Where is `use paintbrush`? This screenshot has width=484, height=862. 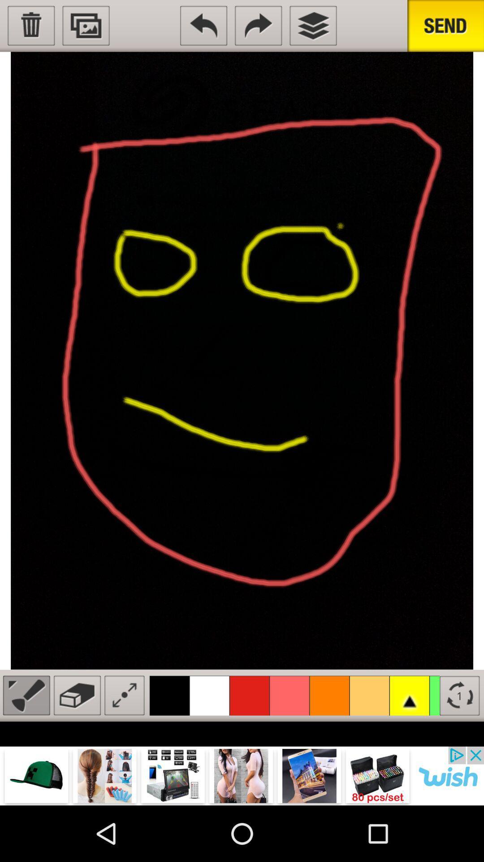
use paintbrush is located at coordinates (26, 695).